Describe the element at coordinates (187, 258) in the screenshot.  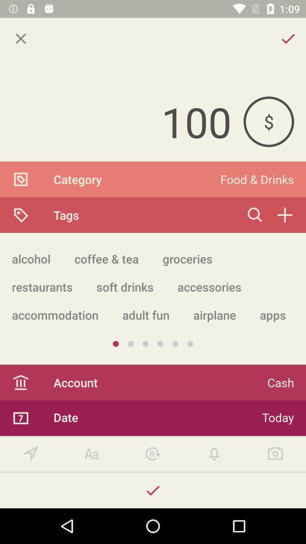
I see `app above soft drinks app` at that location.